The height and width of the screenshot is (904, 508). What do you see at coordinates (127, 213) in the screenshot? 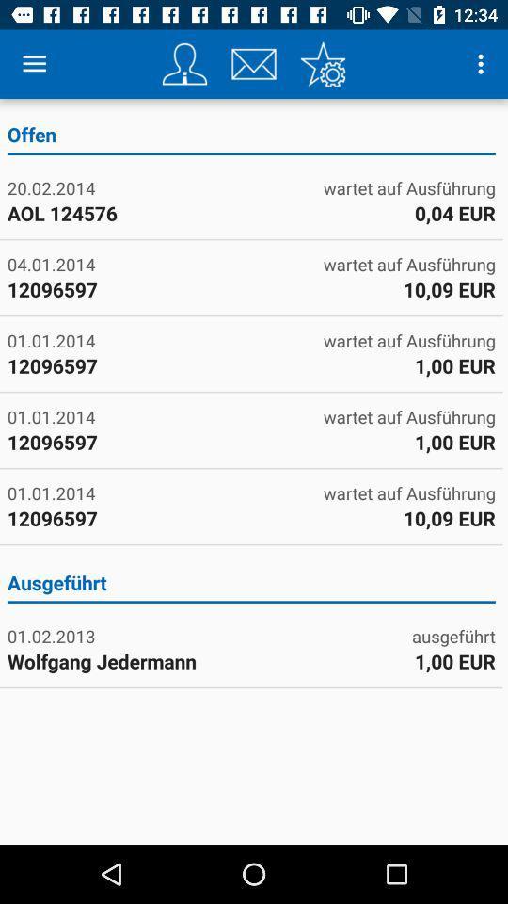
I see `aol 124576 item` at bounding box center [127, 213].